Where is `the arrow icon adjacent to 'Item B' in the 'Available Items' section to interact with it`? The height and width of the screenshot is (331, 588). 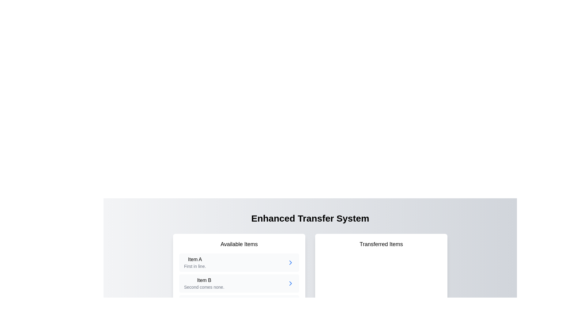
the arrow icon adjacent to 'Item B' in the 'Available Items' section to interact with it is located at coordinates (290, 283).